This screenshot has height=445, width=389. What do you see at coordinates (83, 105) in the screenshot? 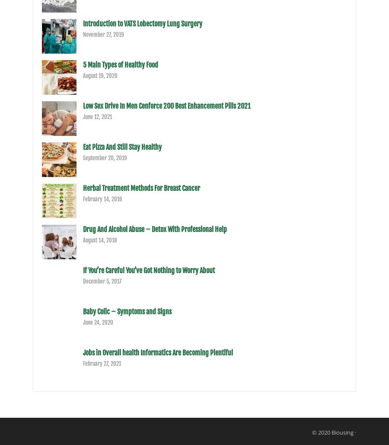
I see `'Low Sex Drive In Men Cenforce 200 Best Enhancement Pills 2021'` at bounding box center [83, 105].